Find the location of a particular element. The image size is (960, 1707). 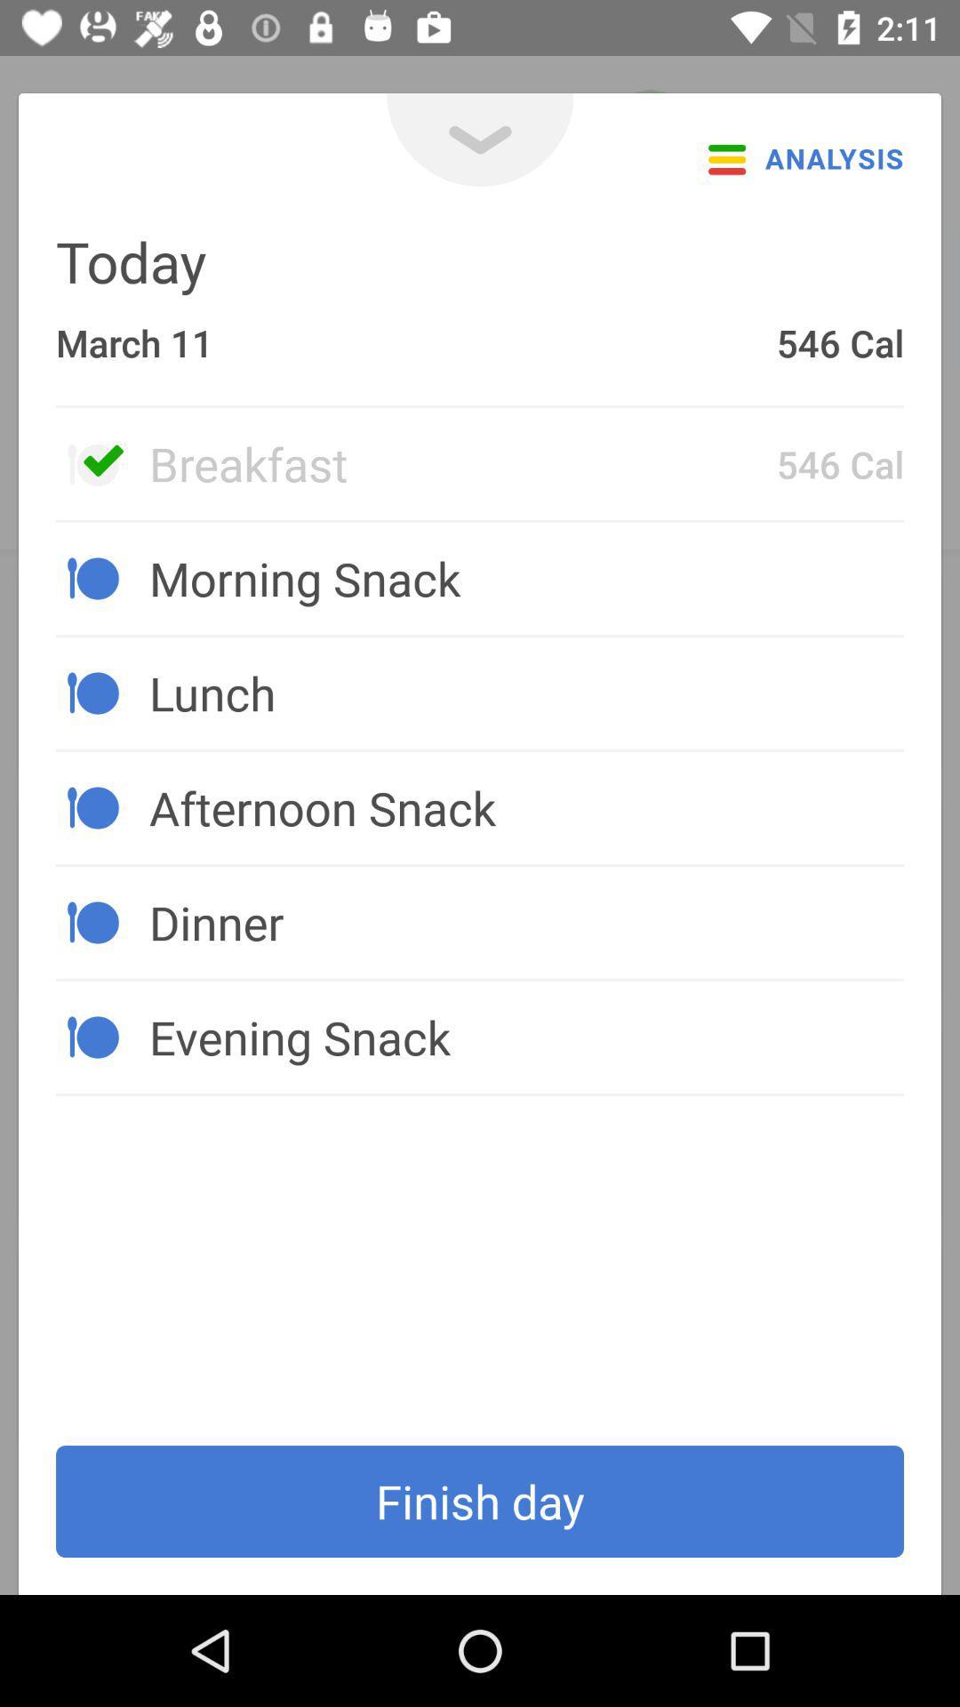

icon to the left of 546 cal item is located at coordinates (461, 463).